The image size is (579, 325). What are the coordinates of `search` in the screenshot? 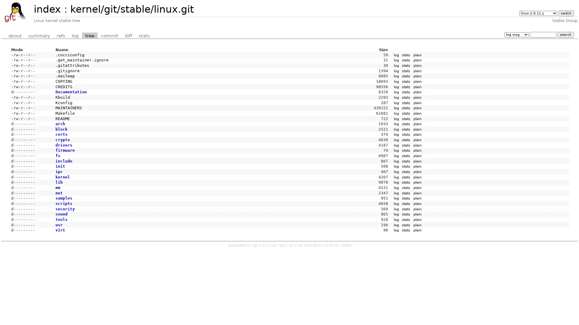 It's located at (565, 34).